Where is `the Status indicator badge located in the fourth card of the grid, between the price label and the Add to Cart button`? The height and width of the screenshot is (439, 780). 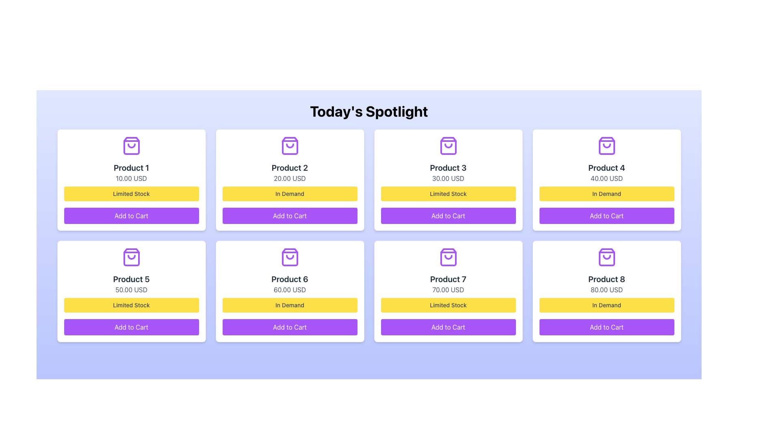 the Status indicator badge located in the fourth card of the grid, between the price label and the Add to Cart button is located at coordinates (607, 194).